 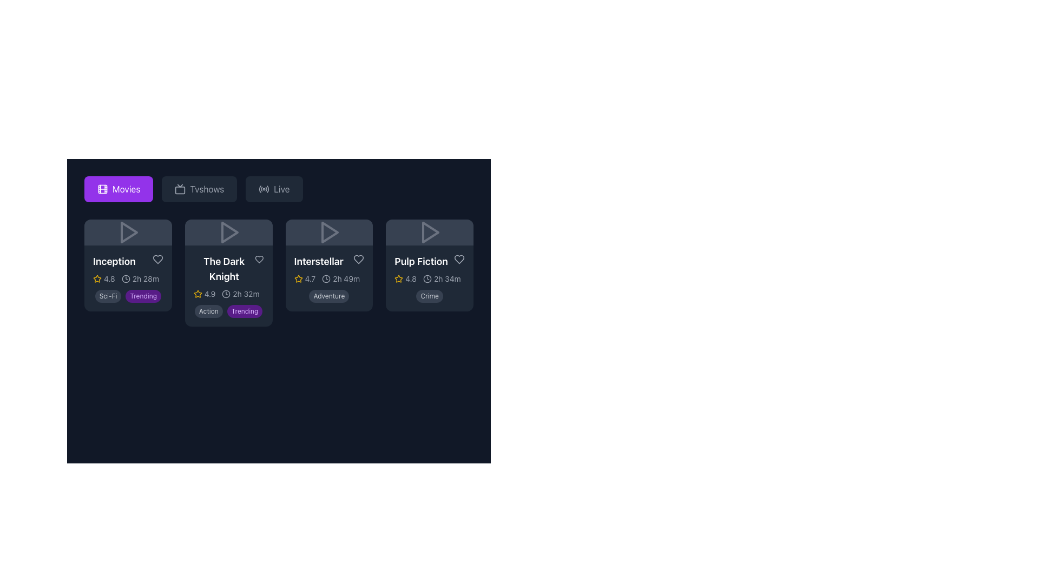 I want to click on the Rating display element showing the numeric rating '4.9' with a yellow star icon, located to the left of the duration text for the movie 'The Dark Knight', so click(x=205, y=294).